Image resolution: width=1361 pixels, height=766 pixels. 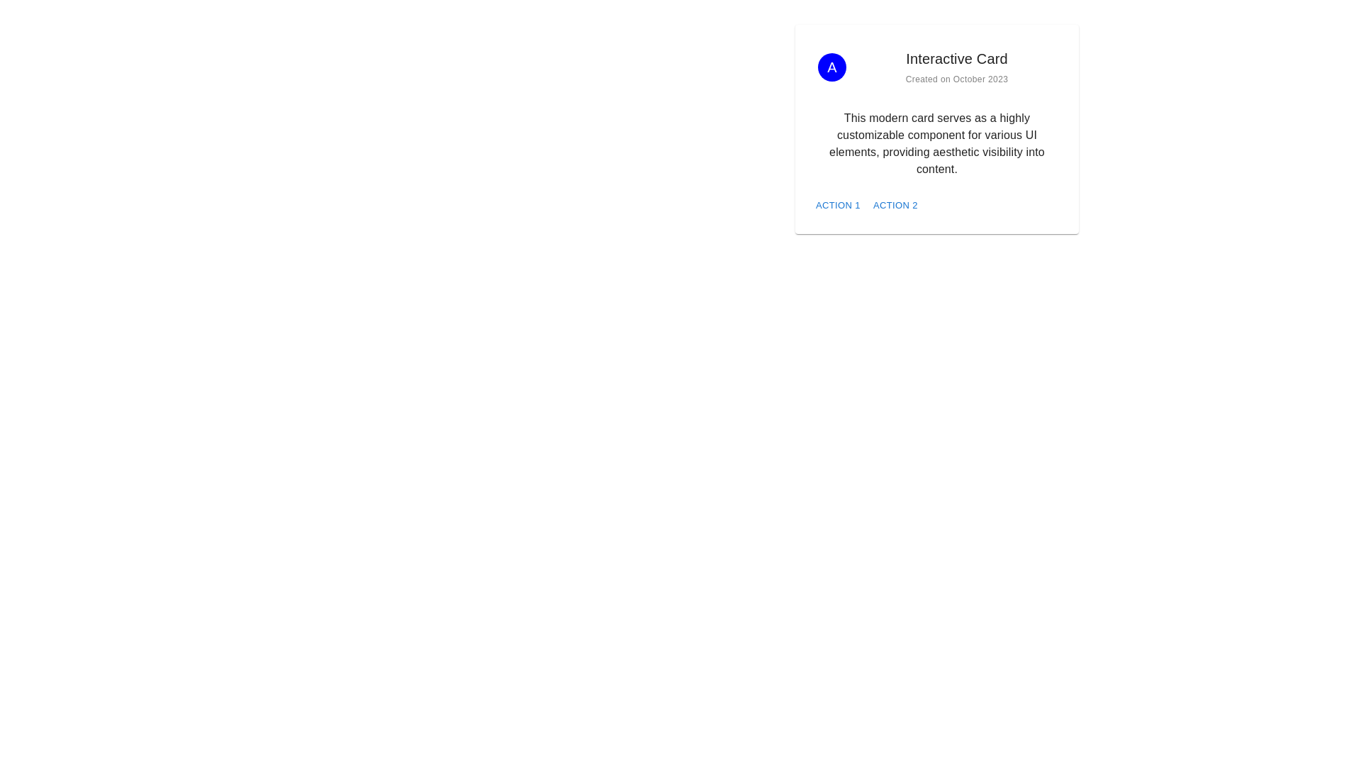 I want to click on the informational label that provides the creation date of the card, located at the bottom of the header section, below the 'Interactive Card' title, so click(x=956, y=79).